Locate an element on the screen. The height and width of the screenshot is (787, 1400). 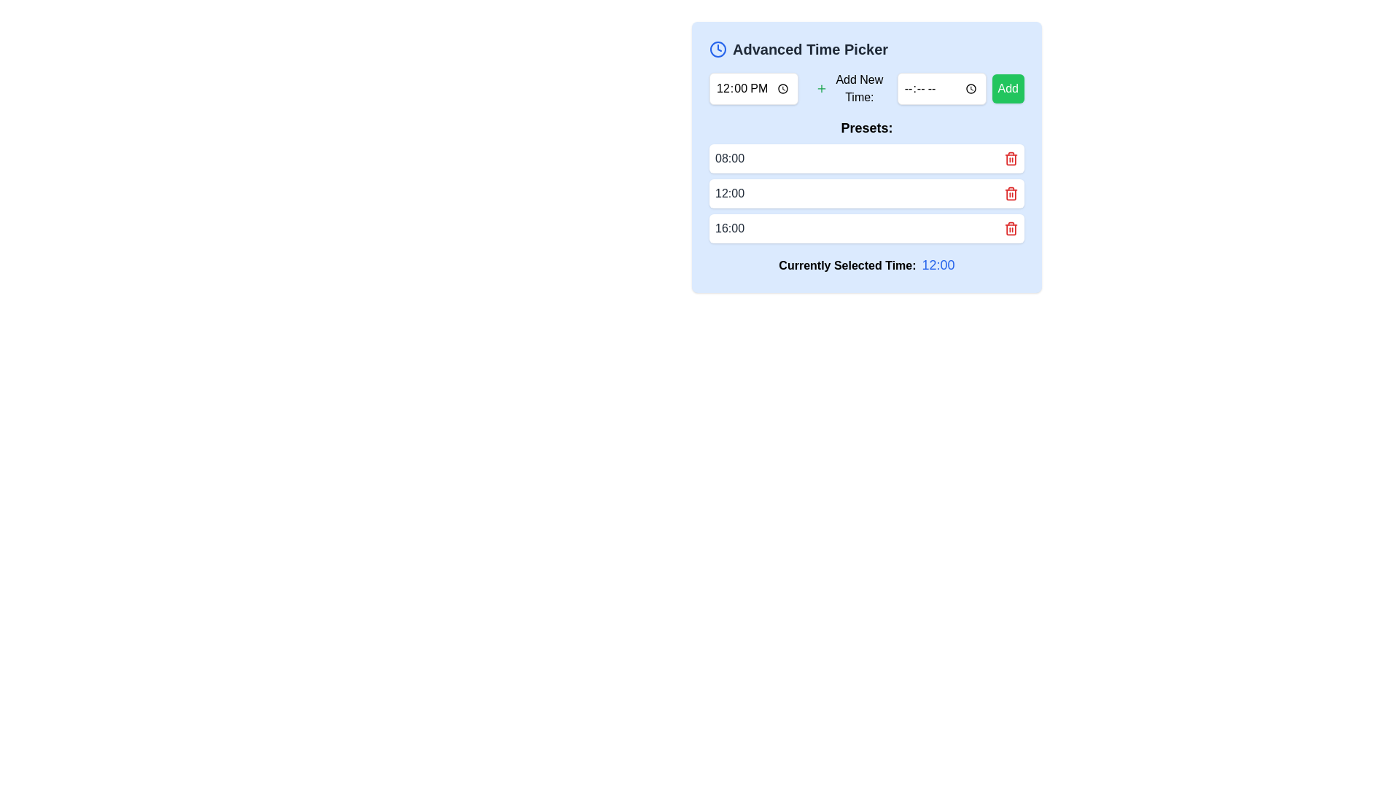
the trash can icon is located at coordinates (1011, 159).